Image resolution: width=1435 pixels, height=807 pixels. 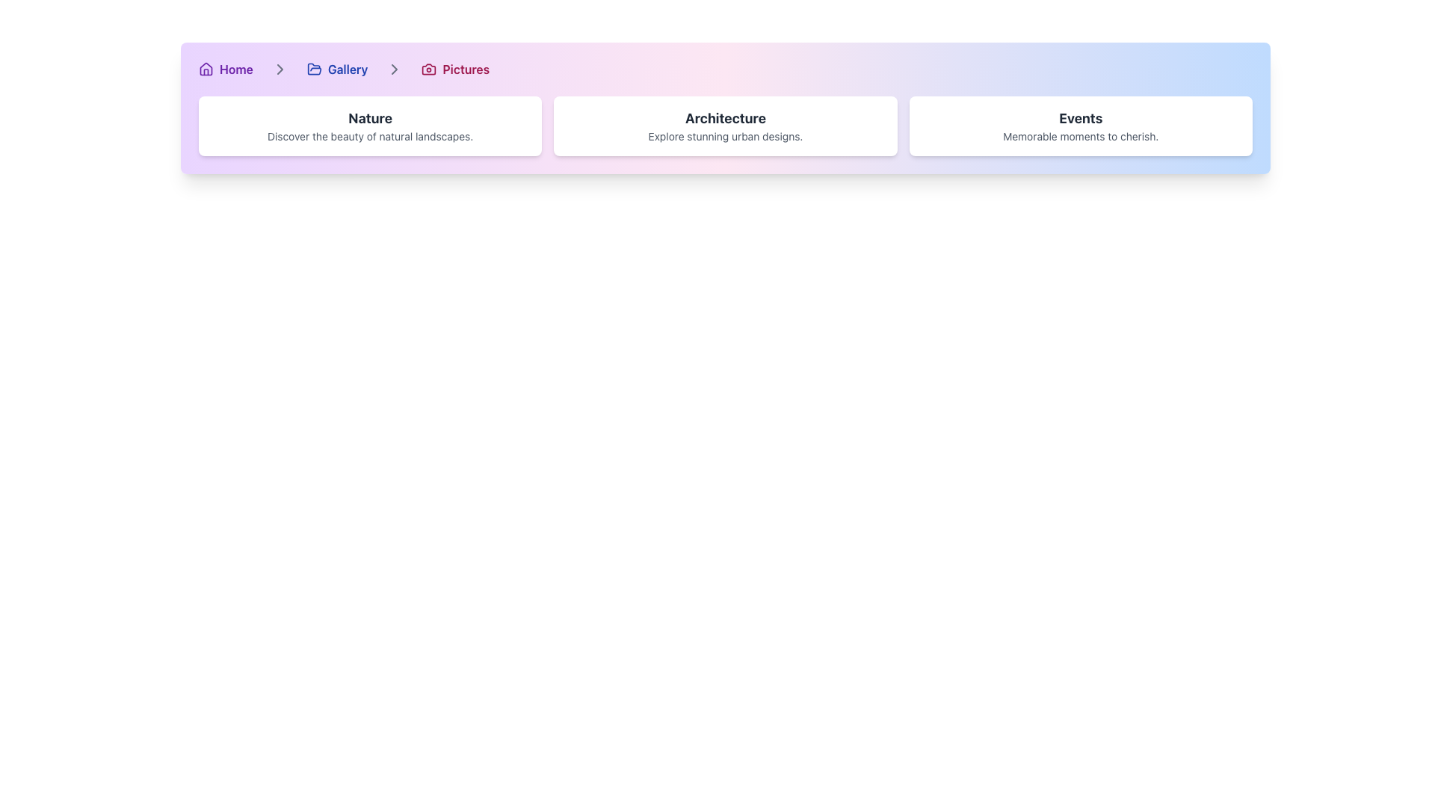 What do you see at coordinates (235, 69) in the screenshot?
I see `the 'Home' text label in bold purple font, which is part of the breadcrumb navigation bar` at bounding box center [235, 69].